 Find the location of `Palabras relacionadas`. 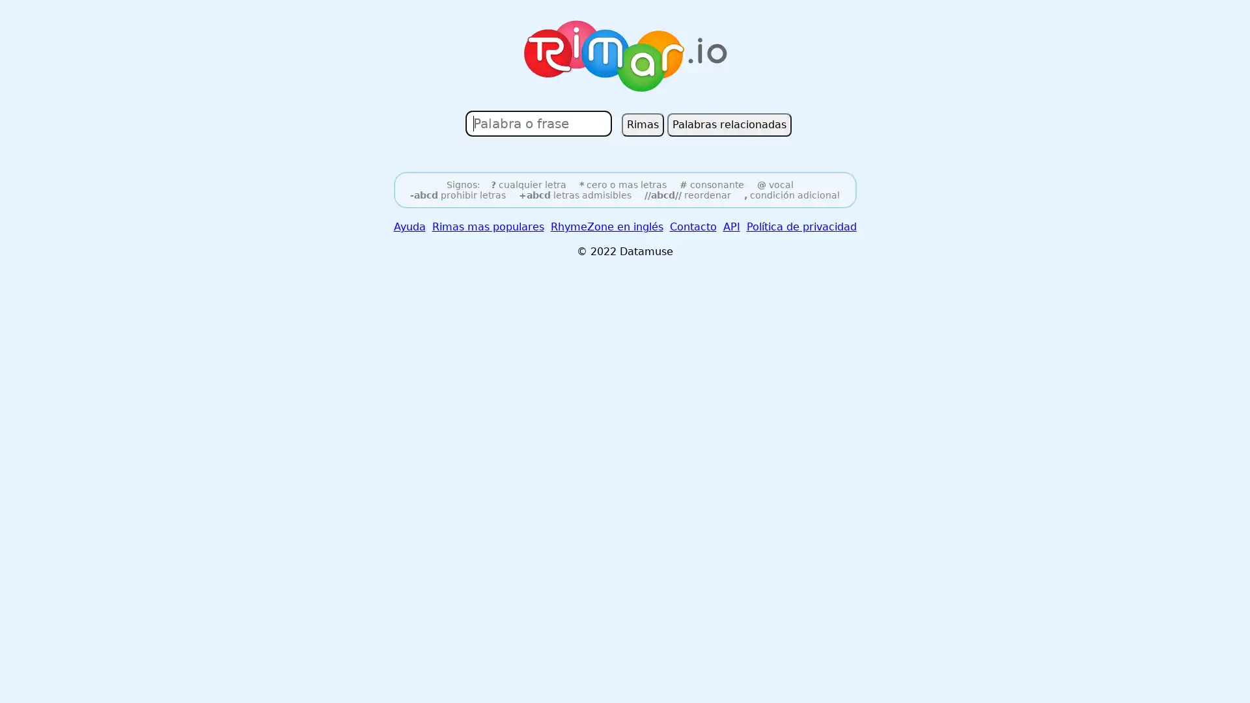

Palabras relacionadas is located at coordinates (728, 124).